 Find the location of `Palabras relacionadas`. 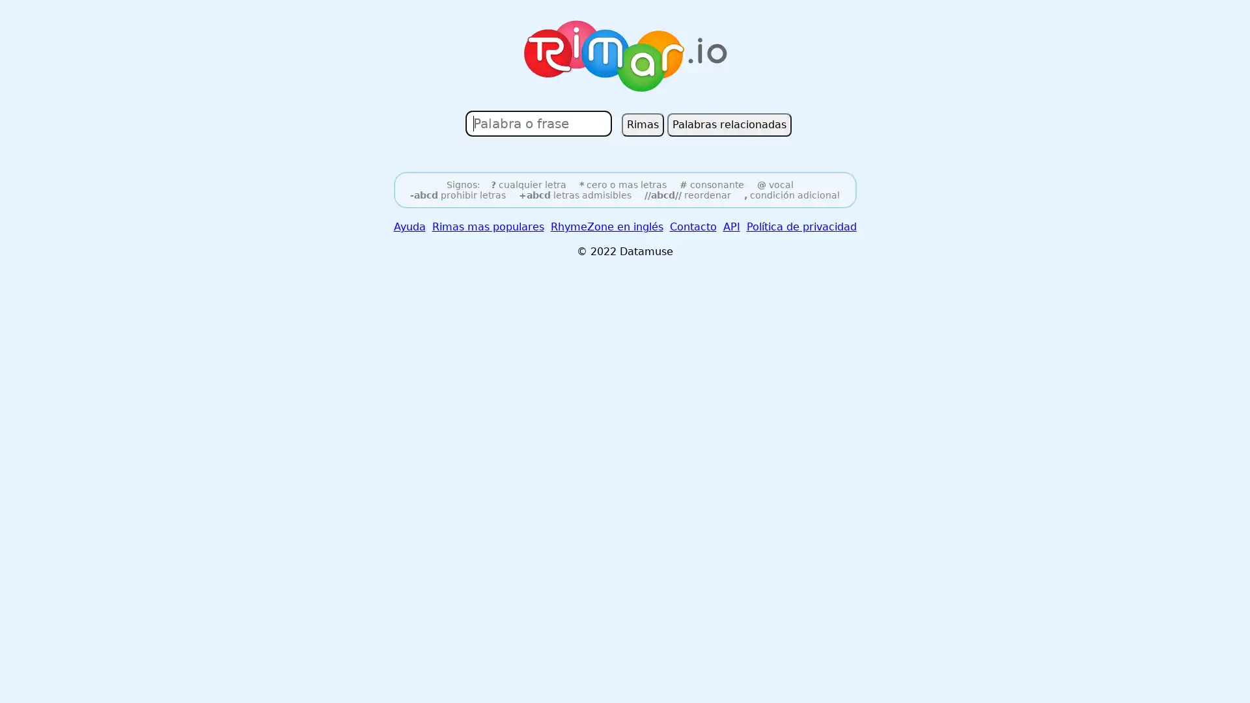

Palabras relacionadas is located at coordinates (728, 124).